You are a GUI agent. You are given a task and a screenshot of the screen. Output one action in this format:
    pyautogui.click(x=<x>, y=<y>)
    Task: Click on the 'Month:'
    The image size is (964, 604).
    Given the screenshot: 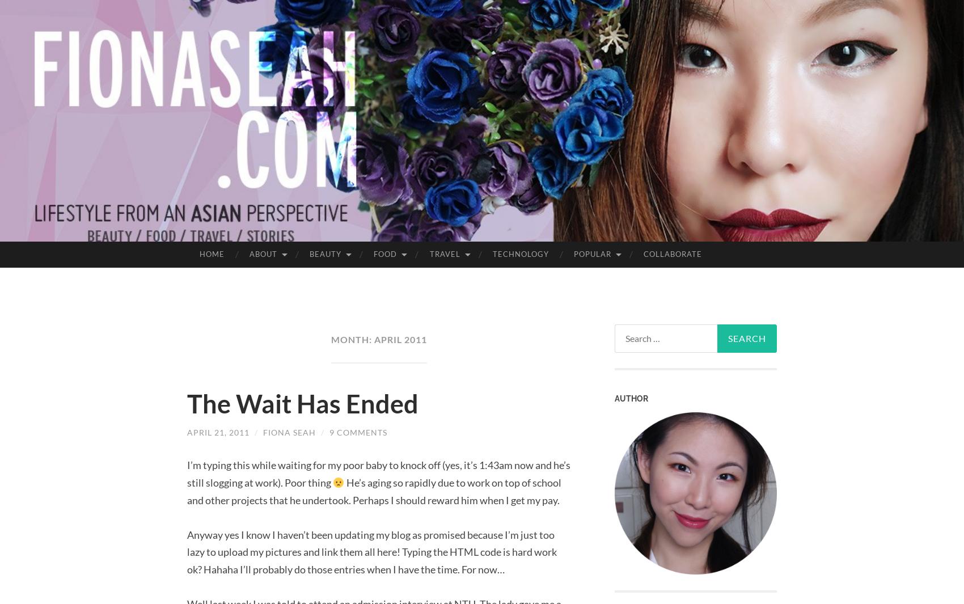 What is the action you would take?
    pyautogui.click(x=352, y=339)
    